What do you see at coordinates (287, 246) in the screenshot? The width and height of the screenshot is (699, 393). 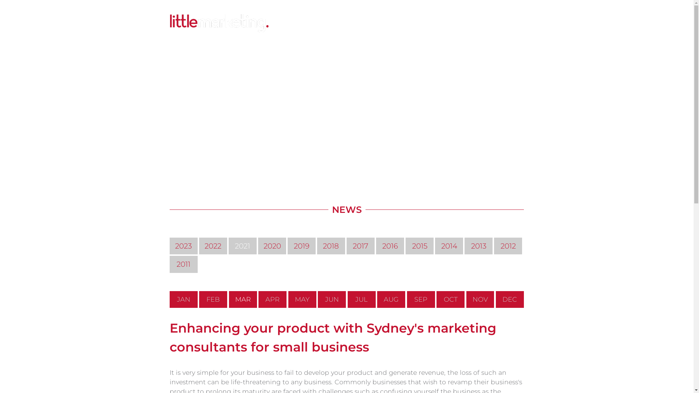 I see `'2019'` at bounding box center [287, 246].